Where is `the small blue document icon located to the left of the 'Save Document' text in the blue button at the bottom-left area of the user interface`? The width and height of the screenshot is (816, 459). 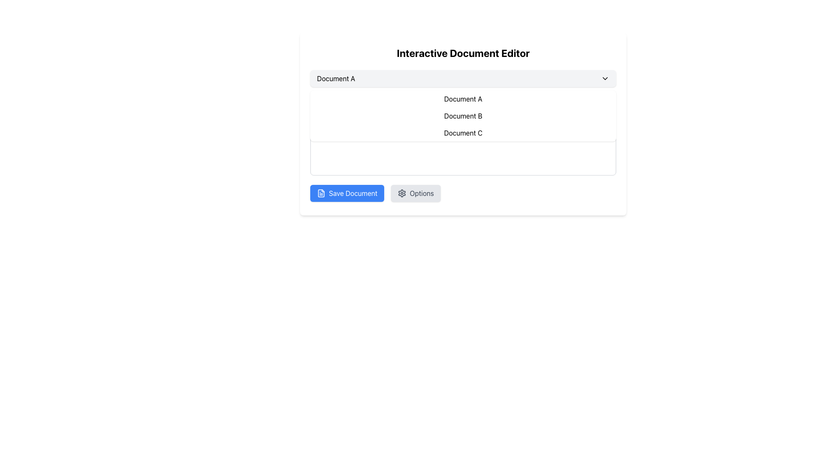 the small blue document icon located to the left of the 'Save Document' text in the blue button at the bottom-left area of the user interface is located at coordinates (320, 193).